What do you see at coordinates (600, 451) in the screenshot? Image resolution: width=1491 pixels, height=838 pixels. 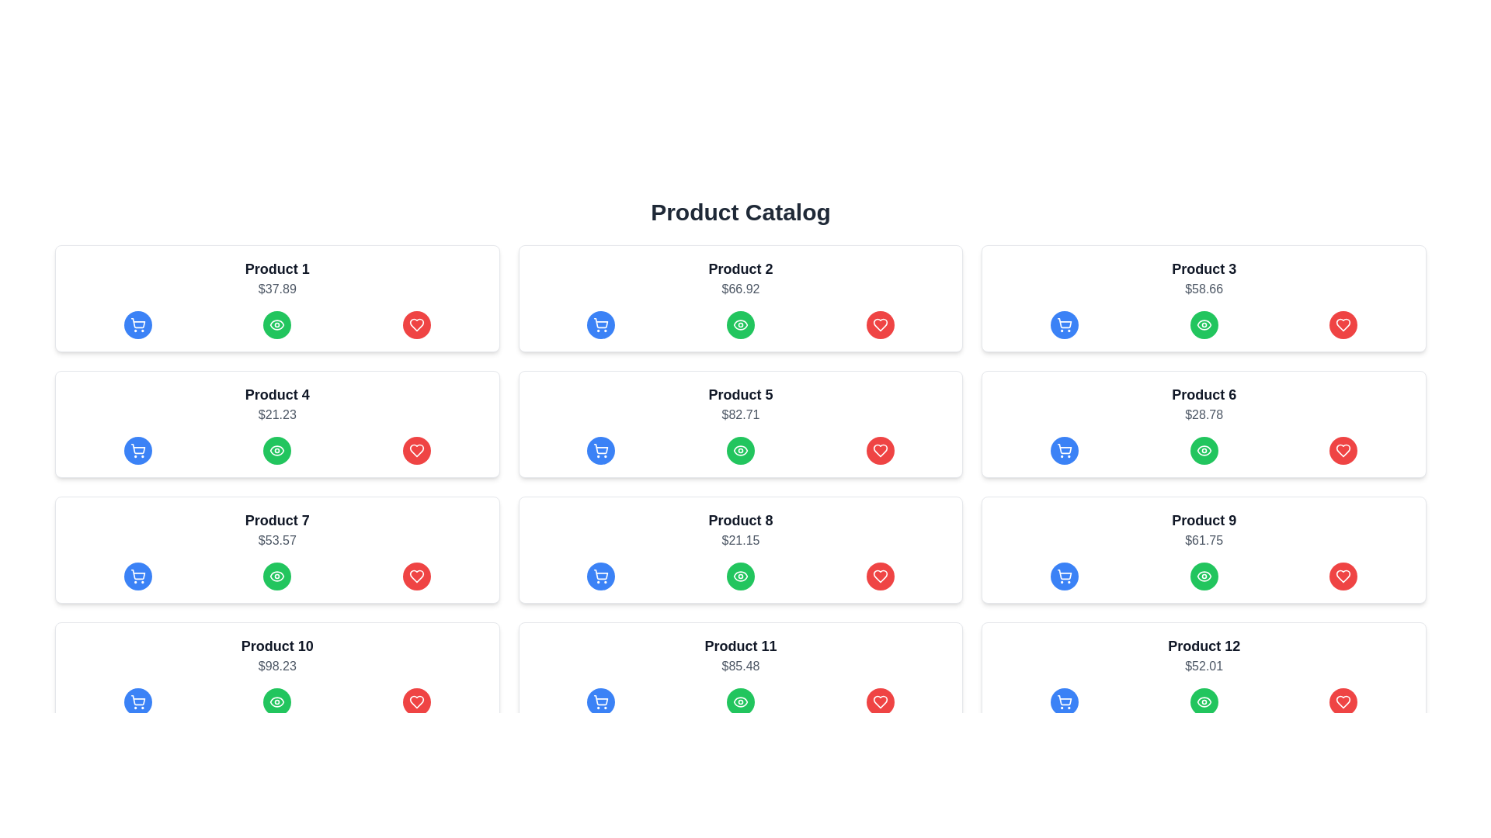 I see `the shopping cart icon button in the blue circular button` at bounding box center [600, 451].